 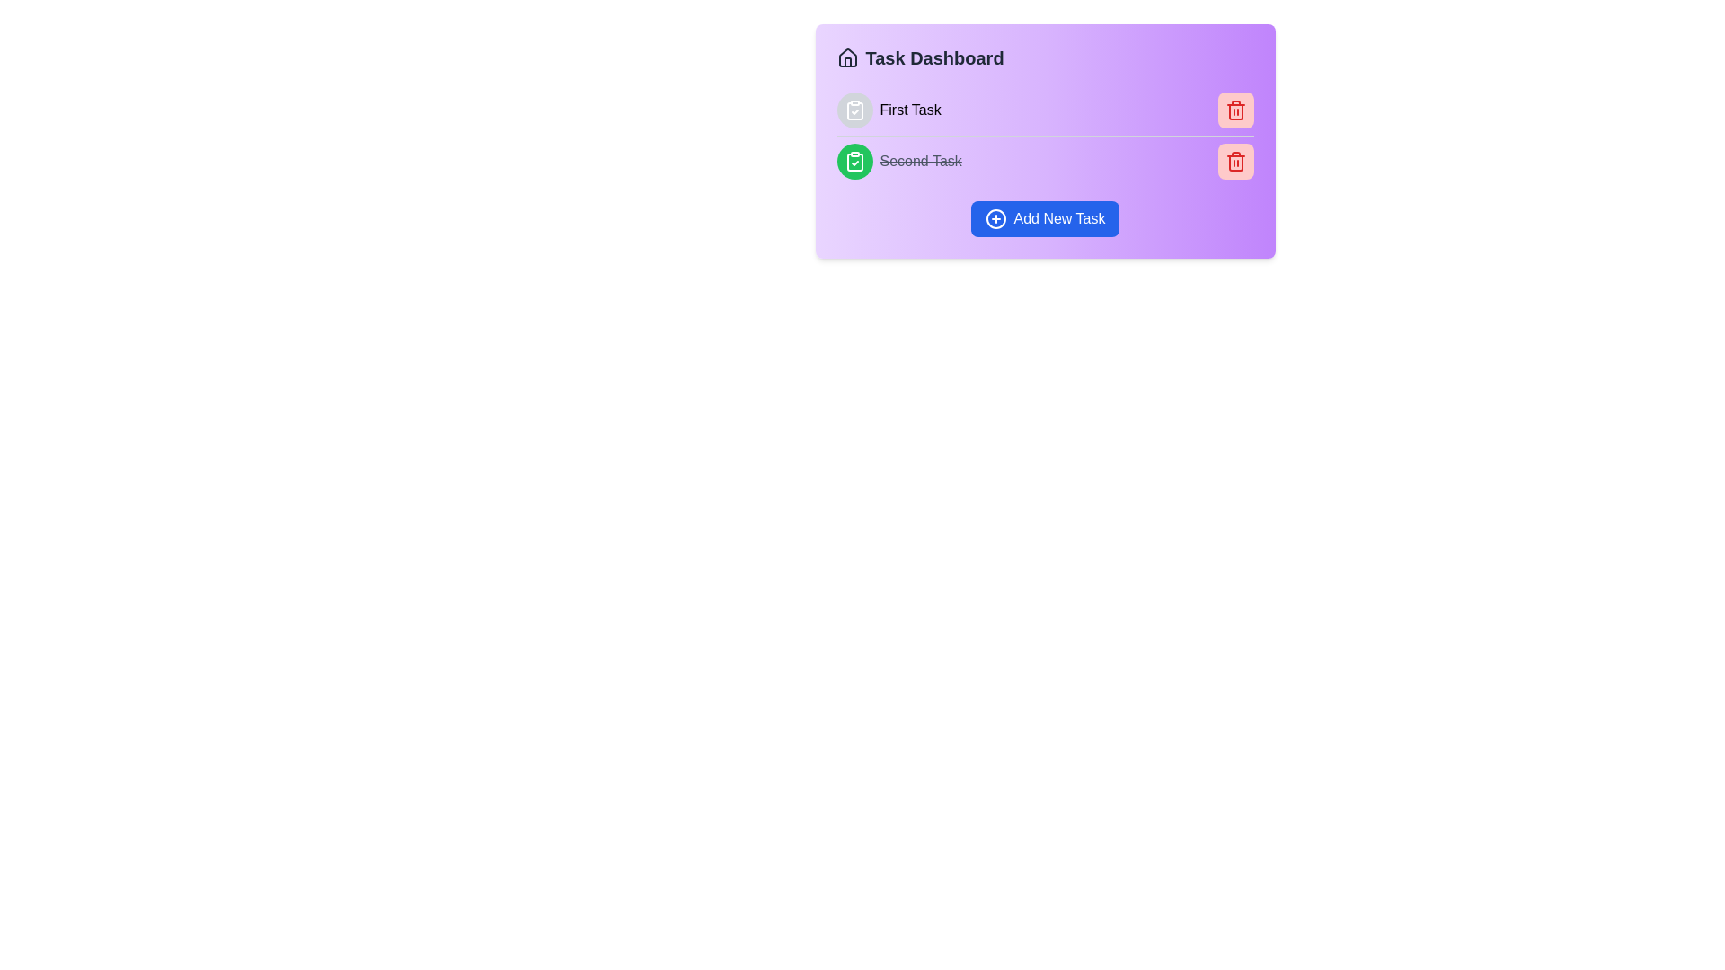 What do you see at coordinates (889, 110) in the screenshot?
I see `the first task item in the task list, which displays the task's name and is located directly below the 'Task Dashboard' heading` at bounding box center [889, 110].